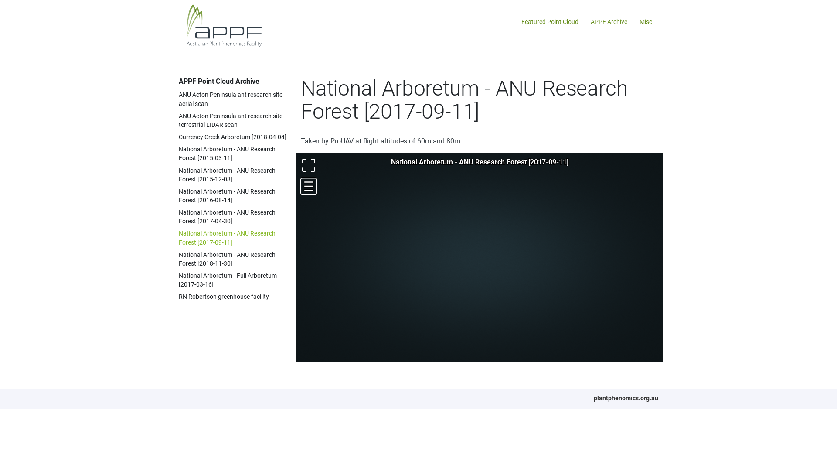 This screenshot has height=471, width=837. Describe the element at coordinates (327, 170) in the screenshot. I see `'FR'` at that location.